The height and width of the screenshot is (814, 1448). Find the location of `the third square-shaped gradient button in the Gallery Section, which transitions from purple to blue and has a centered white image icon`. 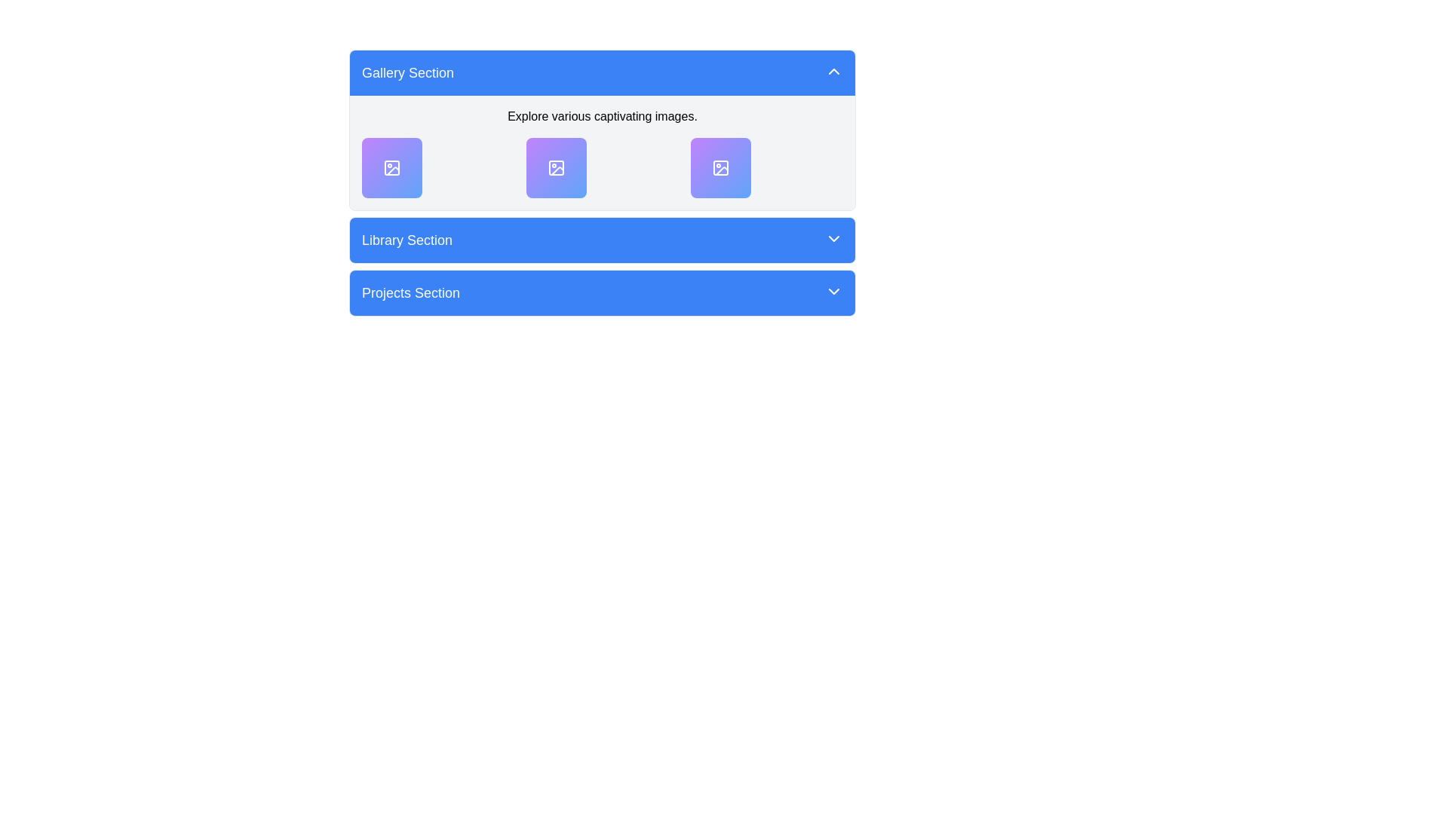

the third square-shaped gradient button in the Gallery Section, which transitions from purple to blue and has a centered white image icon is located at coordinates (719, 168).